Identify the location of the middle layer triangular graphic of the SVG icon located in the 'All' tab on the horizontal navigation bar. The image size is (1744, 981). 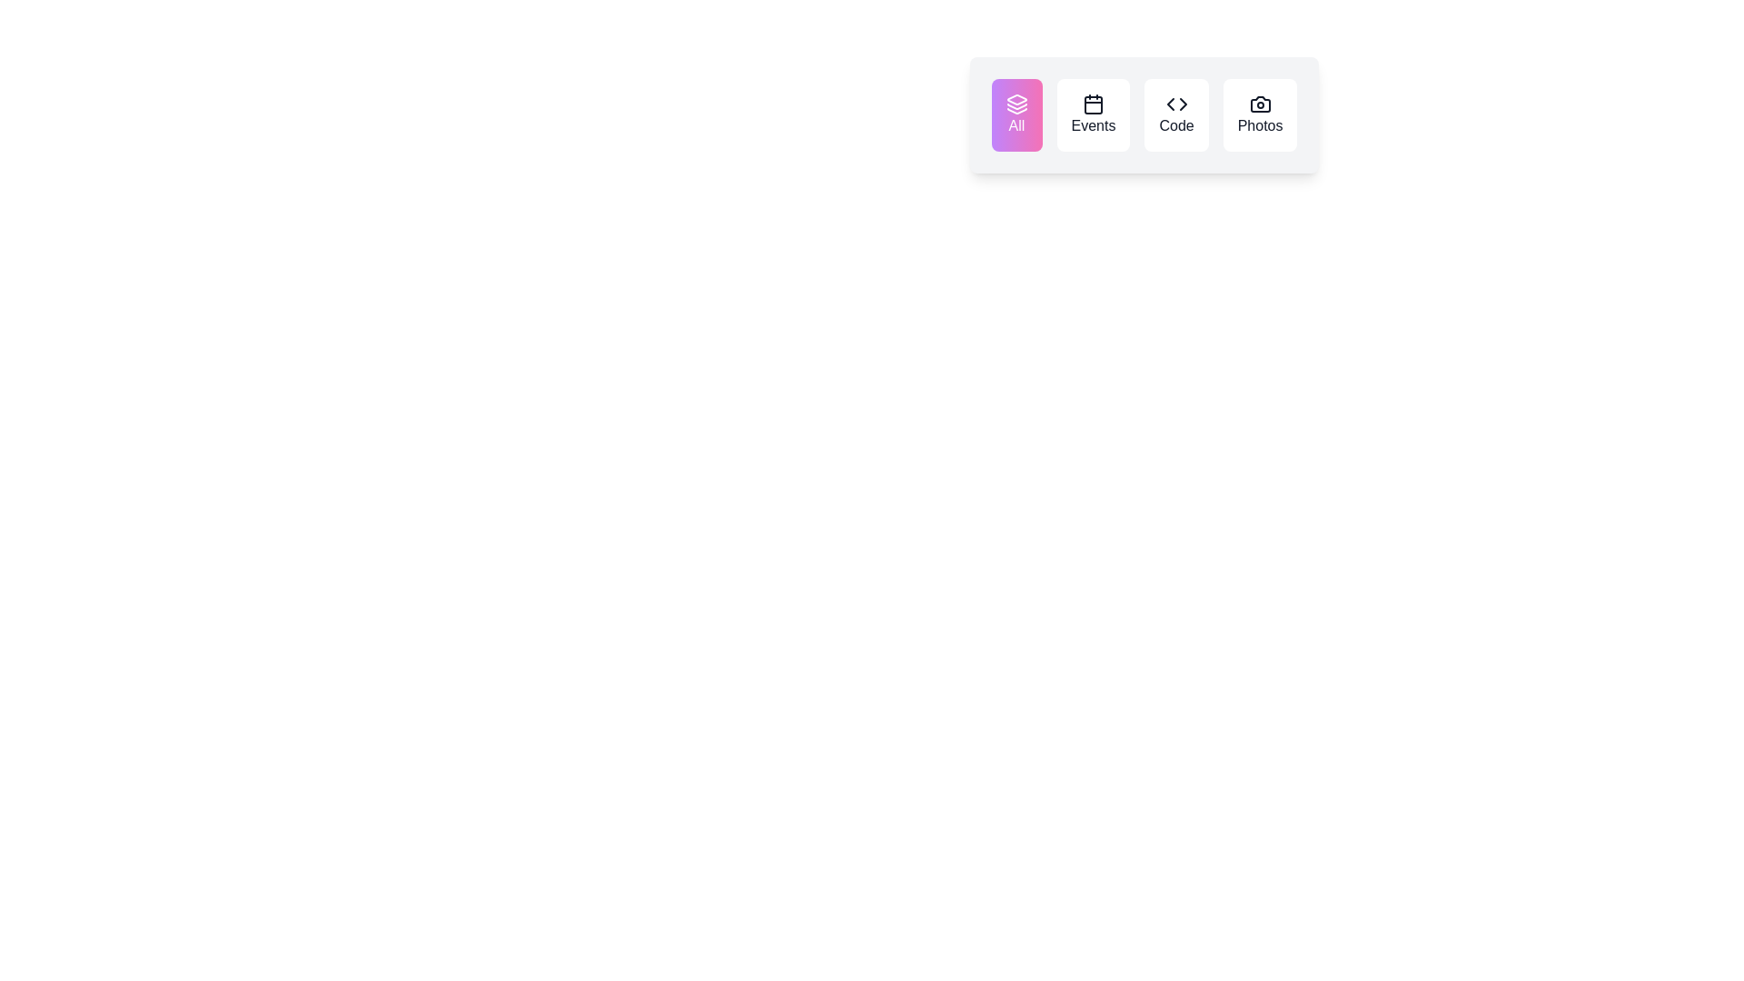
(1016, 106).